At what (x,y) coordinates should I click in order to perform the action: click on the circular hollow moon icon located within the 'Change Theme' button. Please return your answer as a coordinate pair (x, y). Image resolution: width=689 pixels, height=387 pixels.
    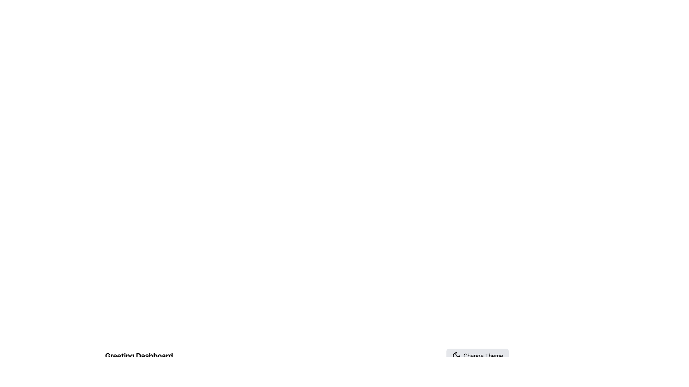
    Looking at the image, I should click on (456, 355).